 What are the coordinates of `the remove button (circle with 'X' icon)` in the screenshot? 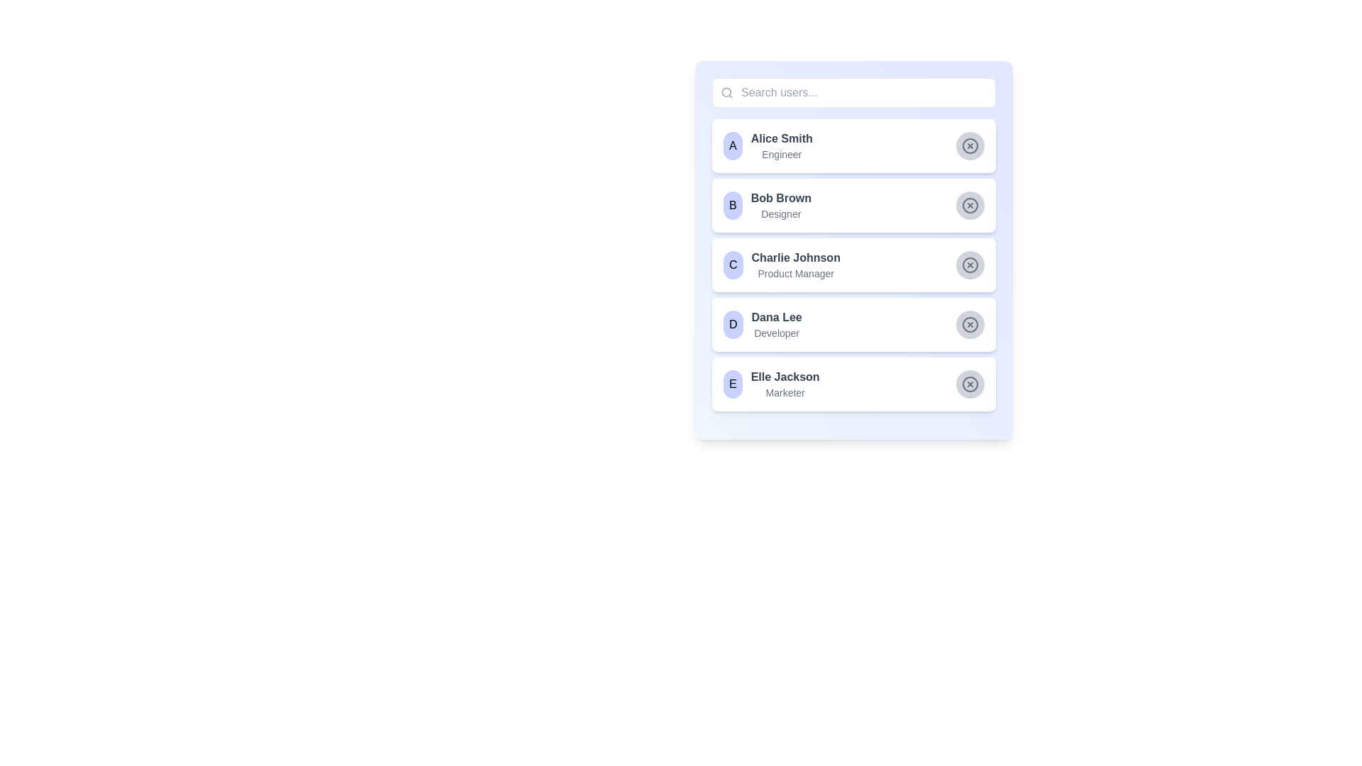 It's located at (970, 265).